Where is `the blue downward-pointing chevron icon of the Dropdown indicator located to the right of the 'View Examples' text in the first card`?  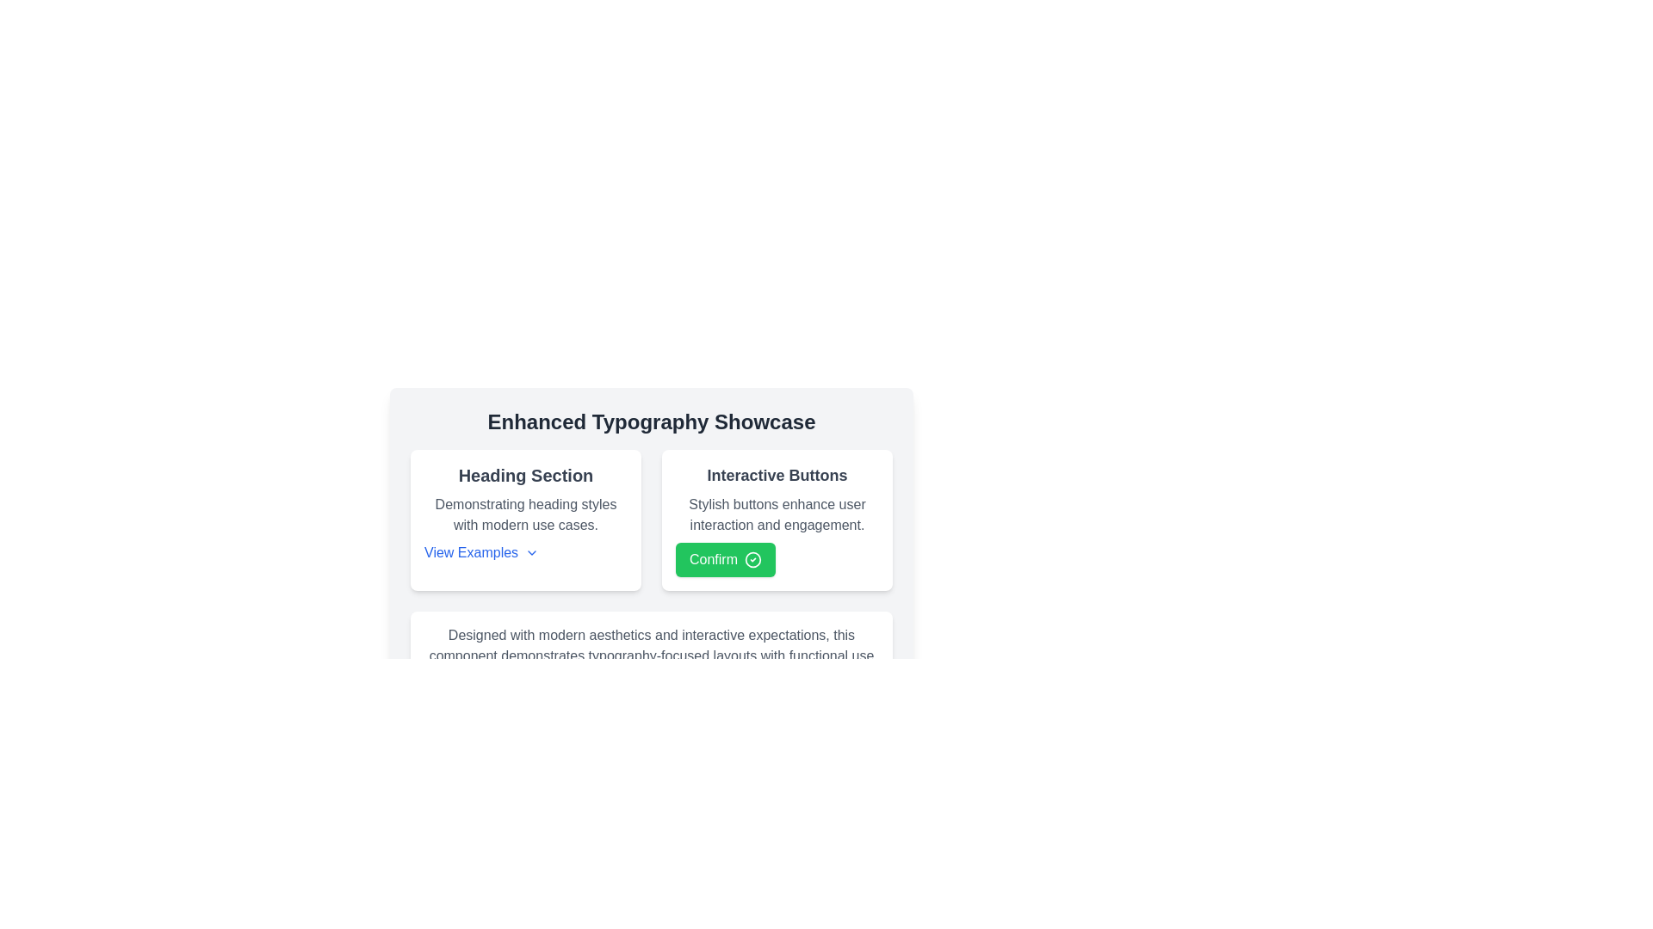
the blue downward-pointing chevron icon of the Dropdown indicator located to the right of the 'View Examples' text in the first card is located at coordinates (531, 553).